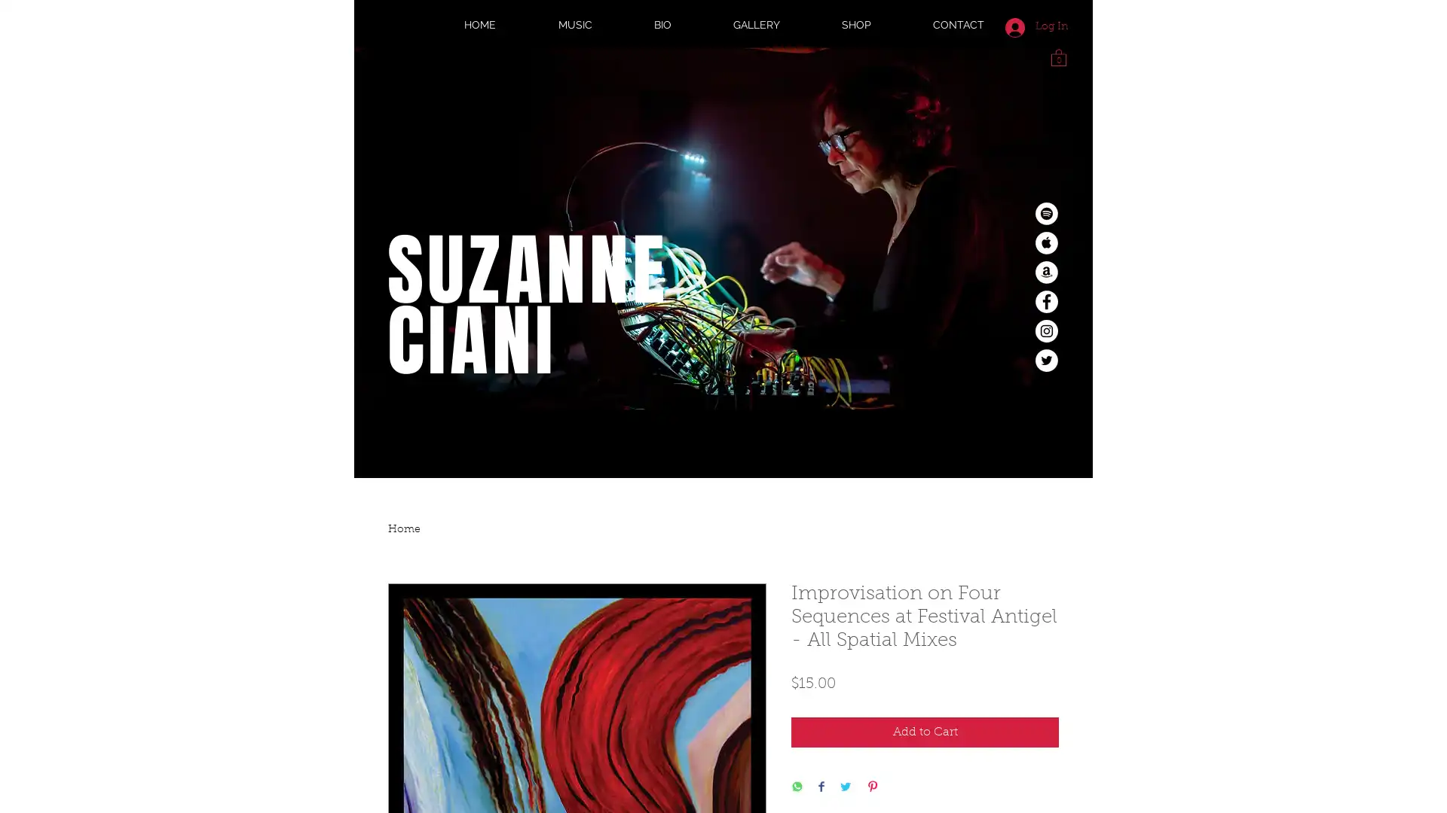 The image size is (1447, 813). Describe the element at coordinates (820, 787) in the screenshot. I see `Share on Facebook` at that location.